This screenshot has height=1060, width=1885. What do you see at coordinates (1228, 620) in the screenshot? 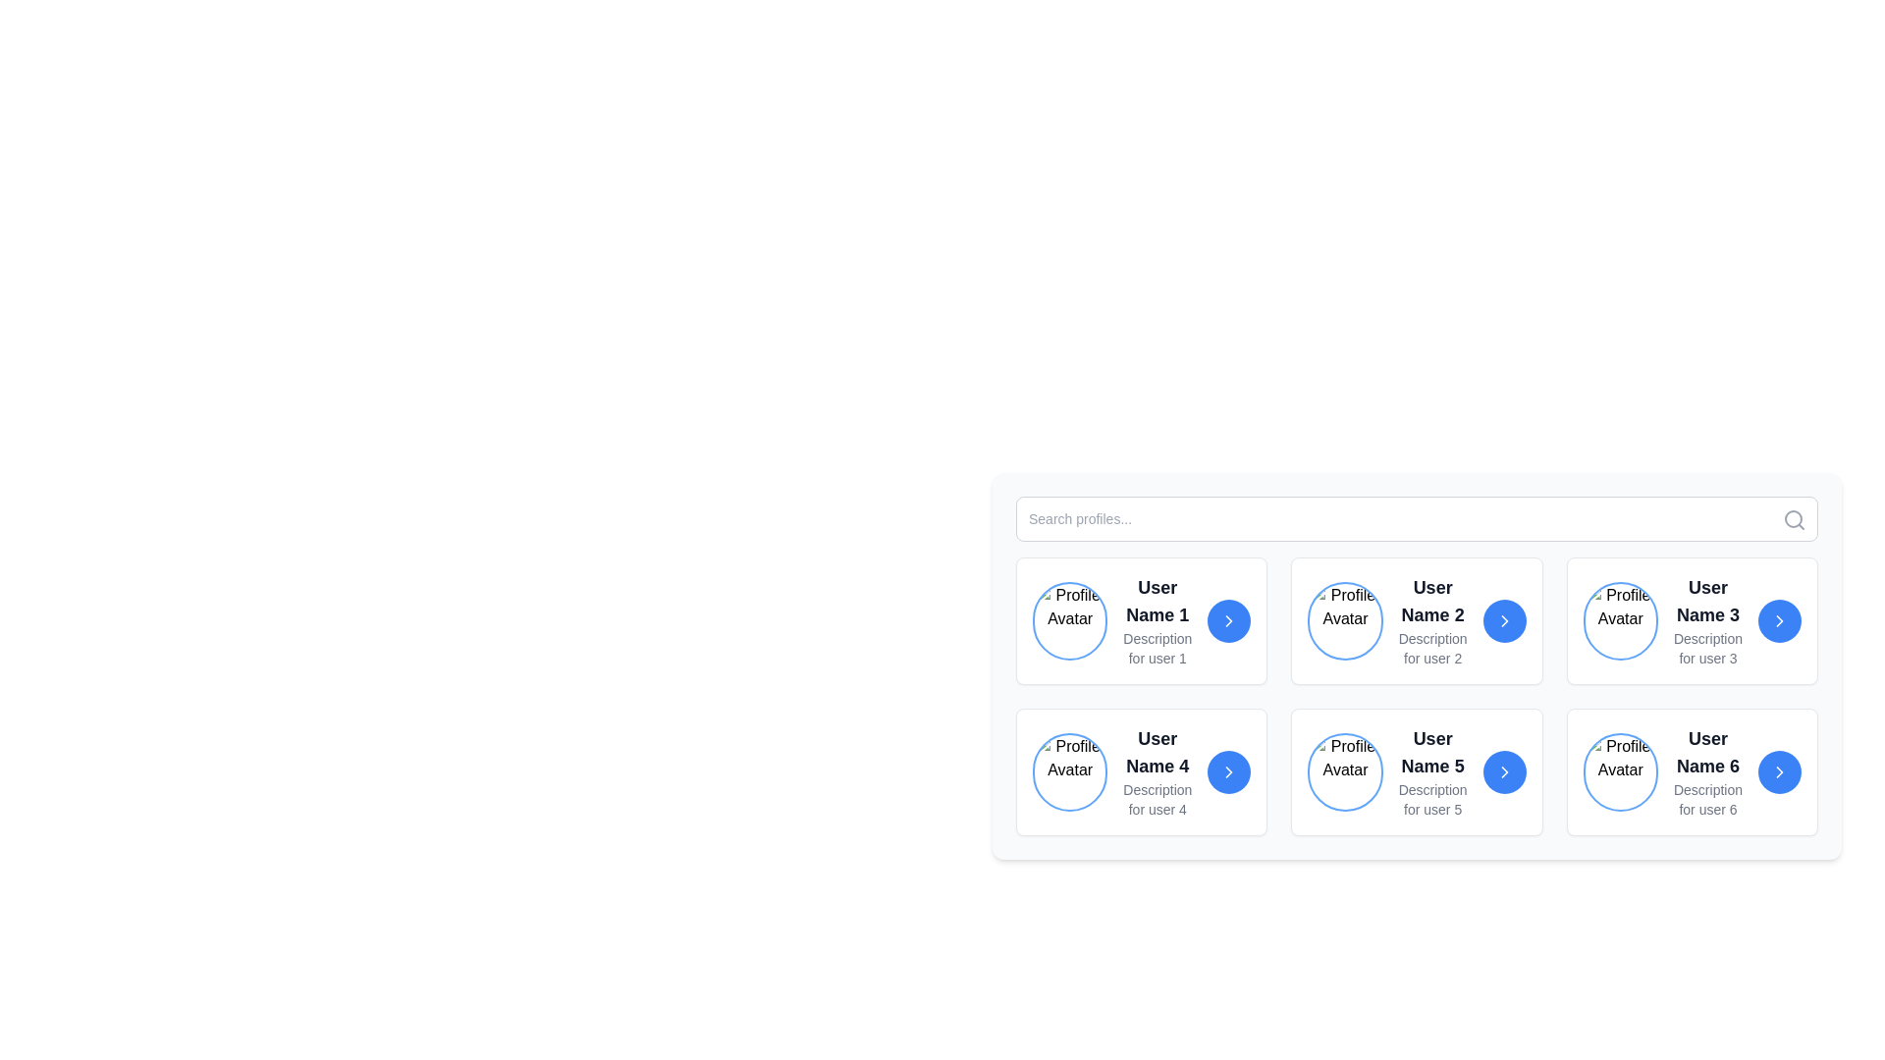
I see `the chevron icon located to the right of the text content in the user profile card for 'User Name 1'` at bounding box center [1228, 620].